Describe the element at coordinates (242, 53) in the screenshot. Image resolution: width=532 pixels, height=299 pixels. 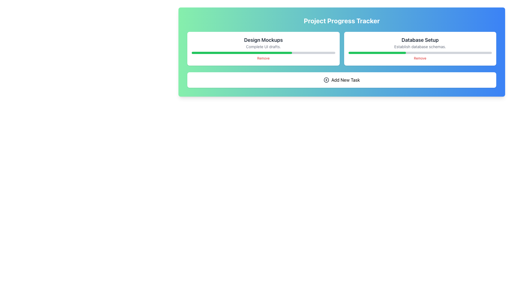
I see `the green progress indicator bar located under the 'Design Mockups' section of the 'Project Progress Tracker'` at that location.